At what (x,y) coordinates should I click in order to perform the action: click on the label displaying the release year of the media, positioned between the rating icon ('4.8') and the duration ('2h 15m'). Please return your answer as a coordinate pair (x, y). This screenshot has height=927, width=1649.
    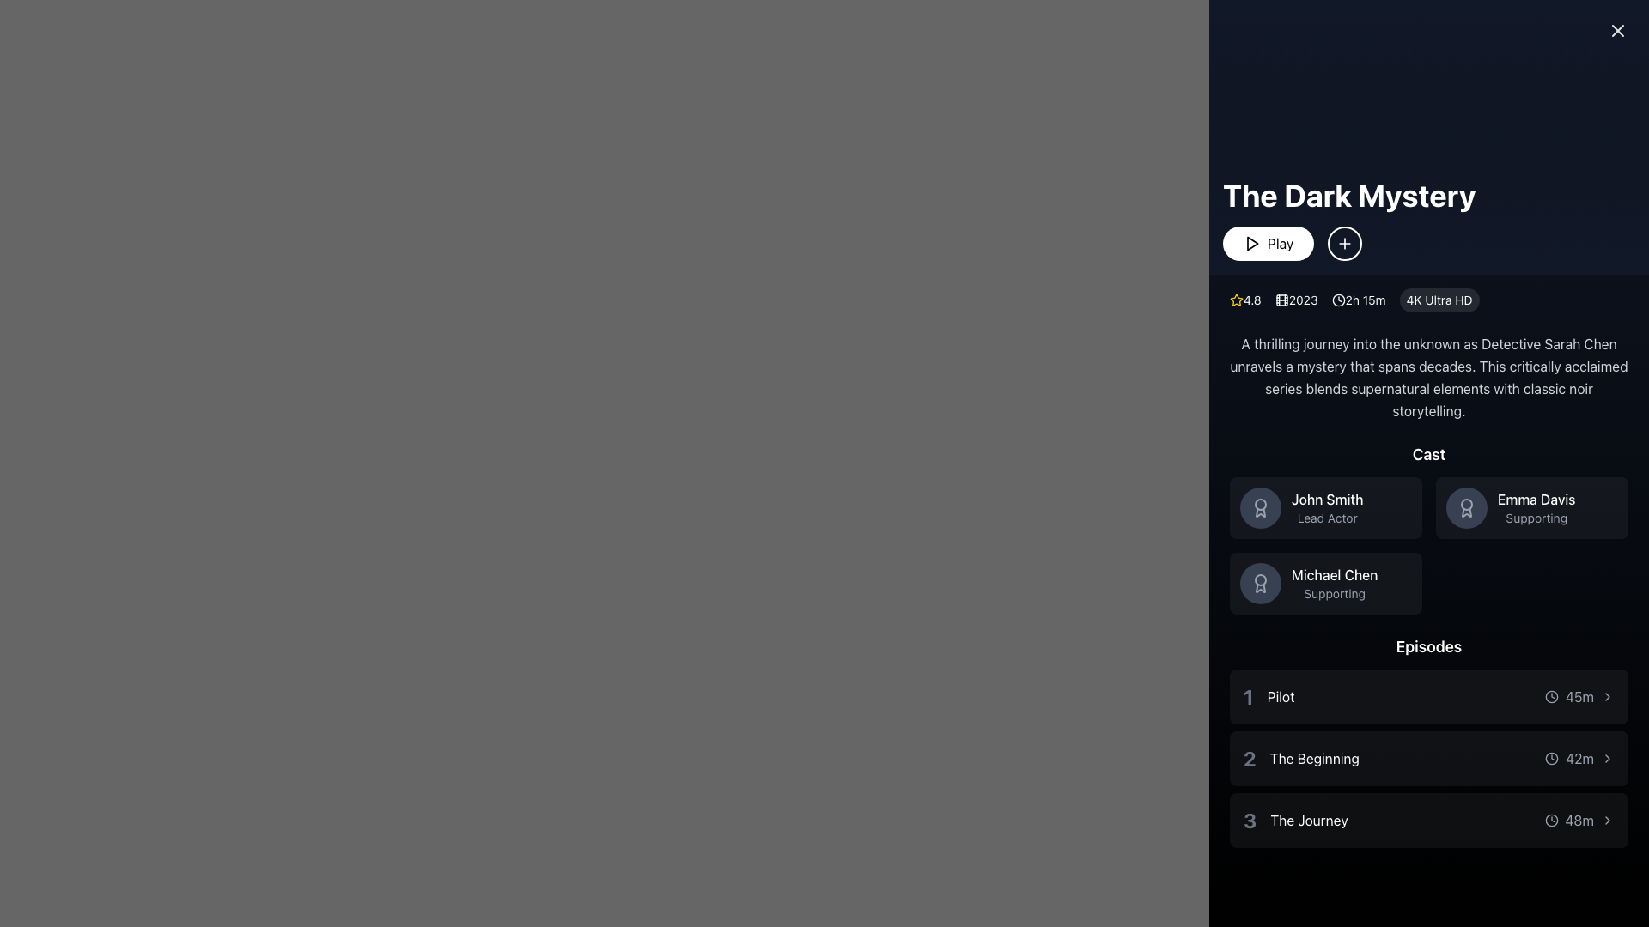
    Looking at the image, I should click on (1296, 300).